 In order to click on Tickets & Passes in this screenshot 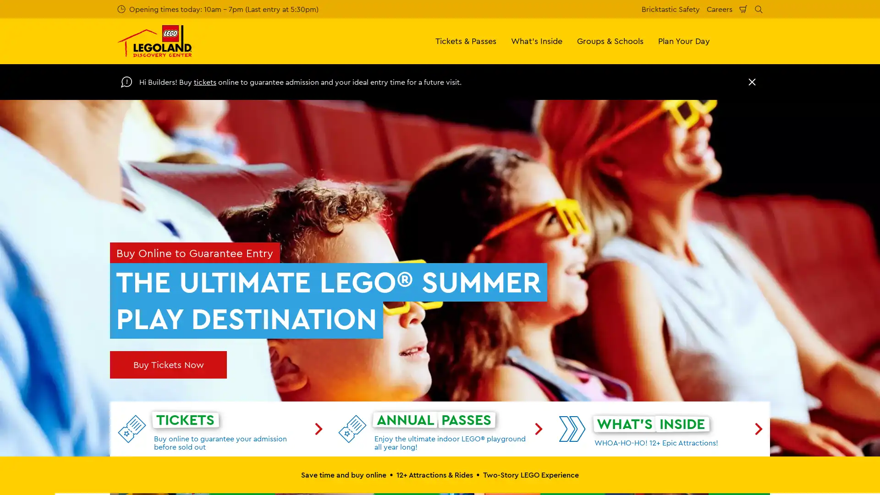, I will do `click(466, 40)`.